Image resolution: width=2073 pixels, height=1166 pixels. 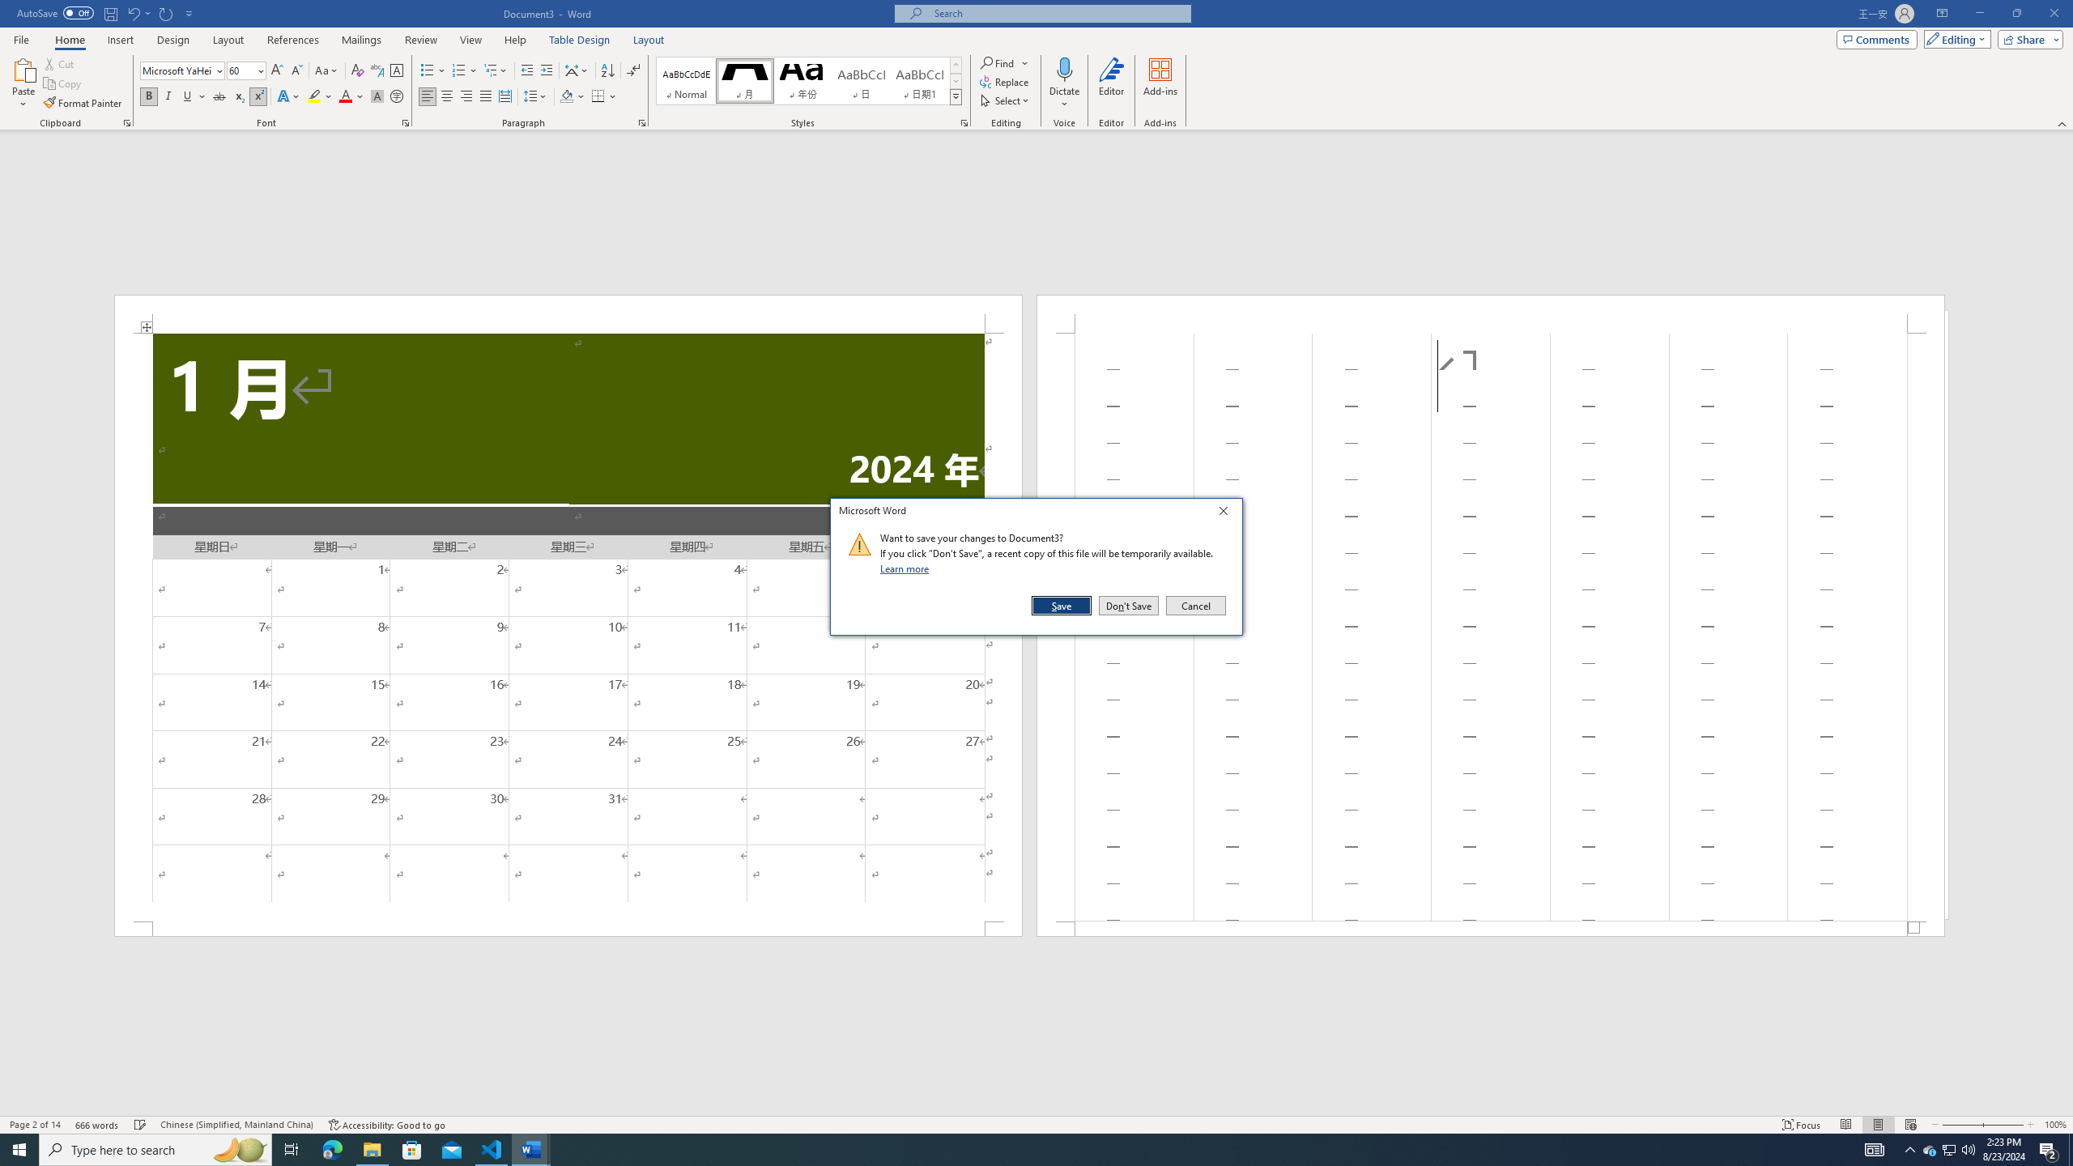 What do you see at coordinates (344, 96) in the screenshot?
I see `'Font Color RGB(255, 0, 0)'` at bounding box center [344, 96].